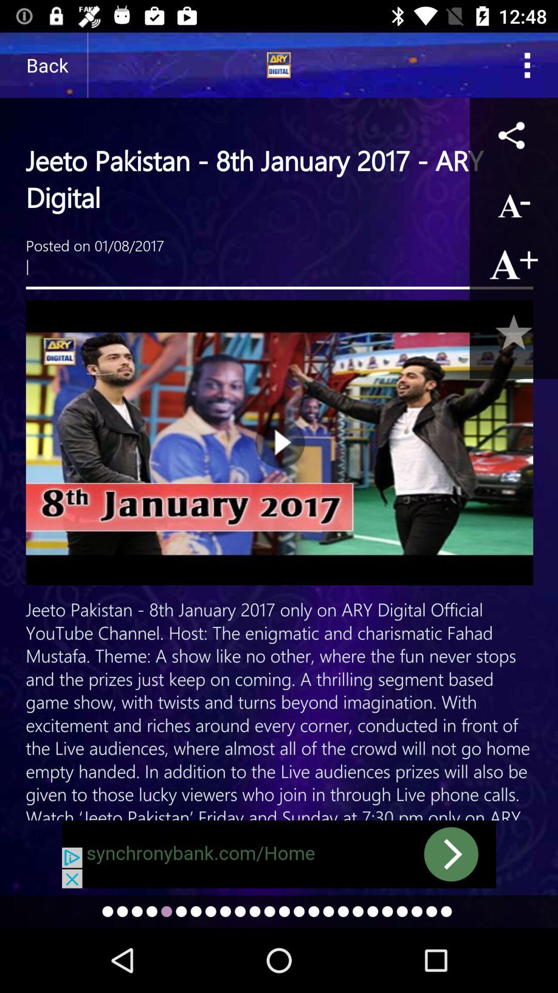  I want to click on smaller font, so click(514, 203).